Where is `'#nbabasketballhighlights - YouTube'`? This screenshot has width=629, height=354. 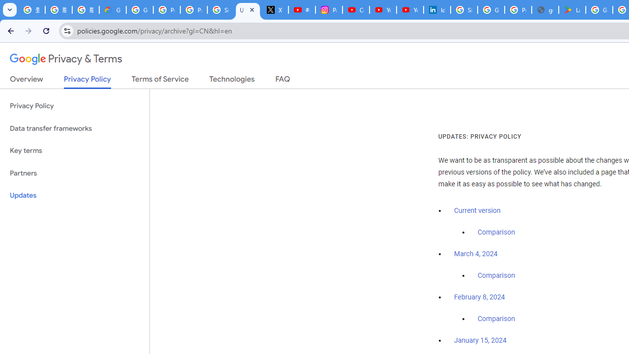 '#nbabasketballhighlights - YouTube' is located at coordinates (302, 10).